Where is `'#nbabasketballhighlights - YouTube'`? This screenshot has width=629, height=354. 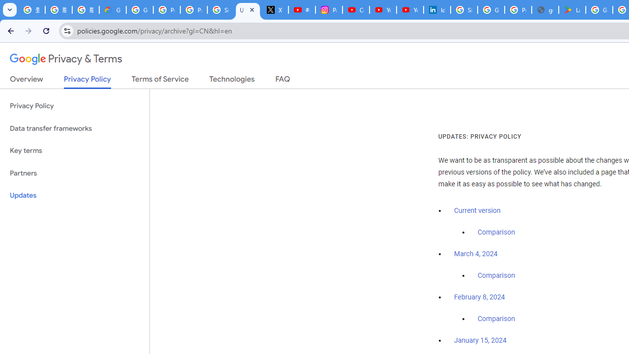 '#nbabasketballhighlights - YouTube' is located at coordinates (302, 10).